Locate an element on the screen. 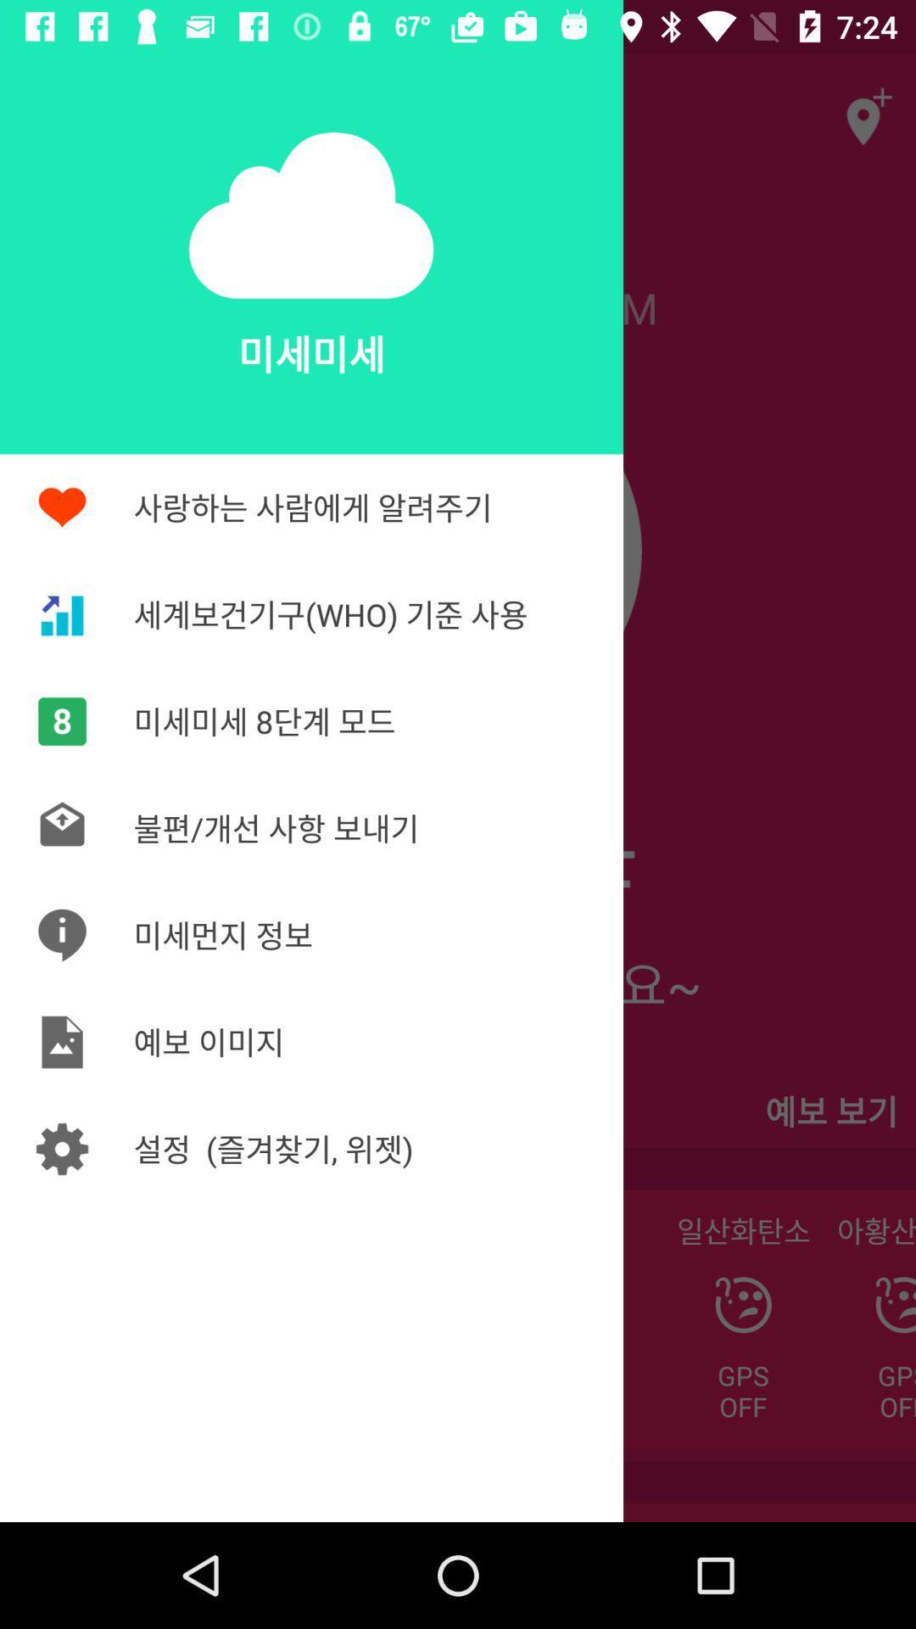 Image resolution: width=916 pixels, height=1629 pixels. the location icon is located at coordinates (863, 105).